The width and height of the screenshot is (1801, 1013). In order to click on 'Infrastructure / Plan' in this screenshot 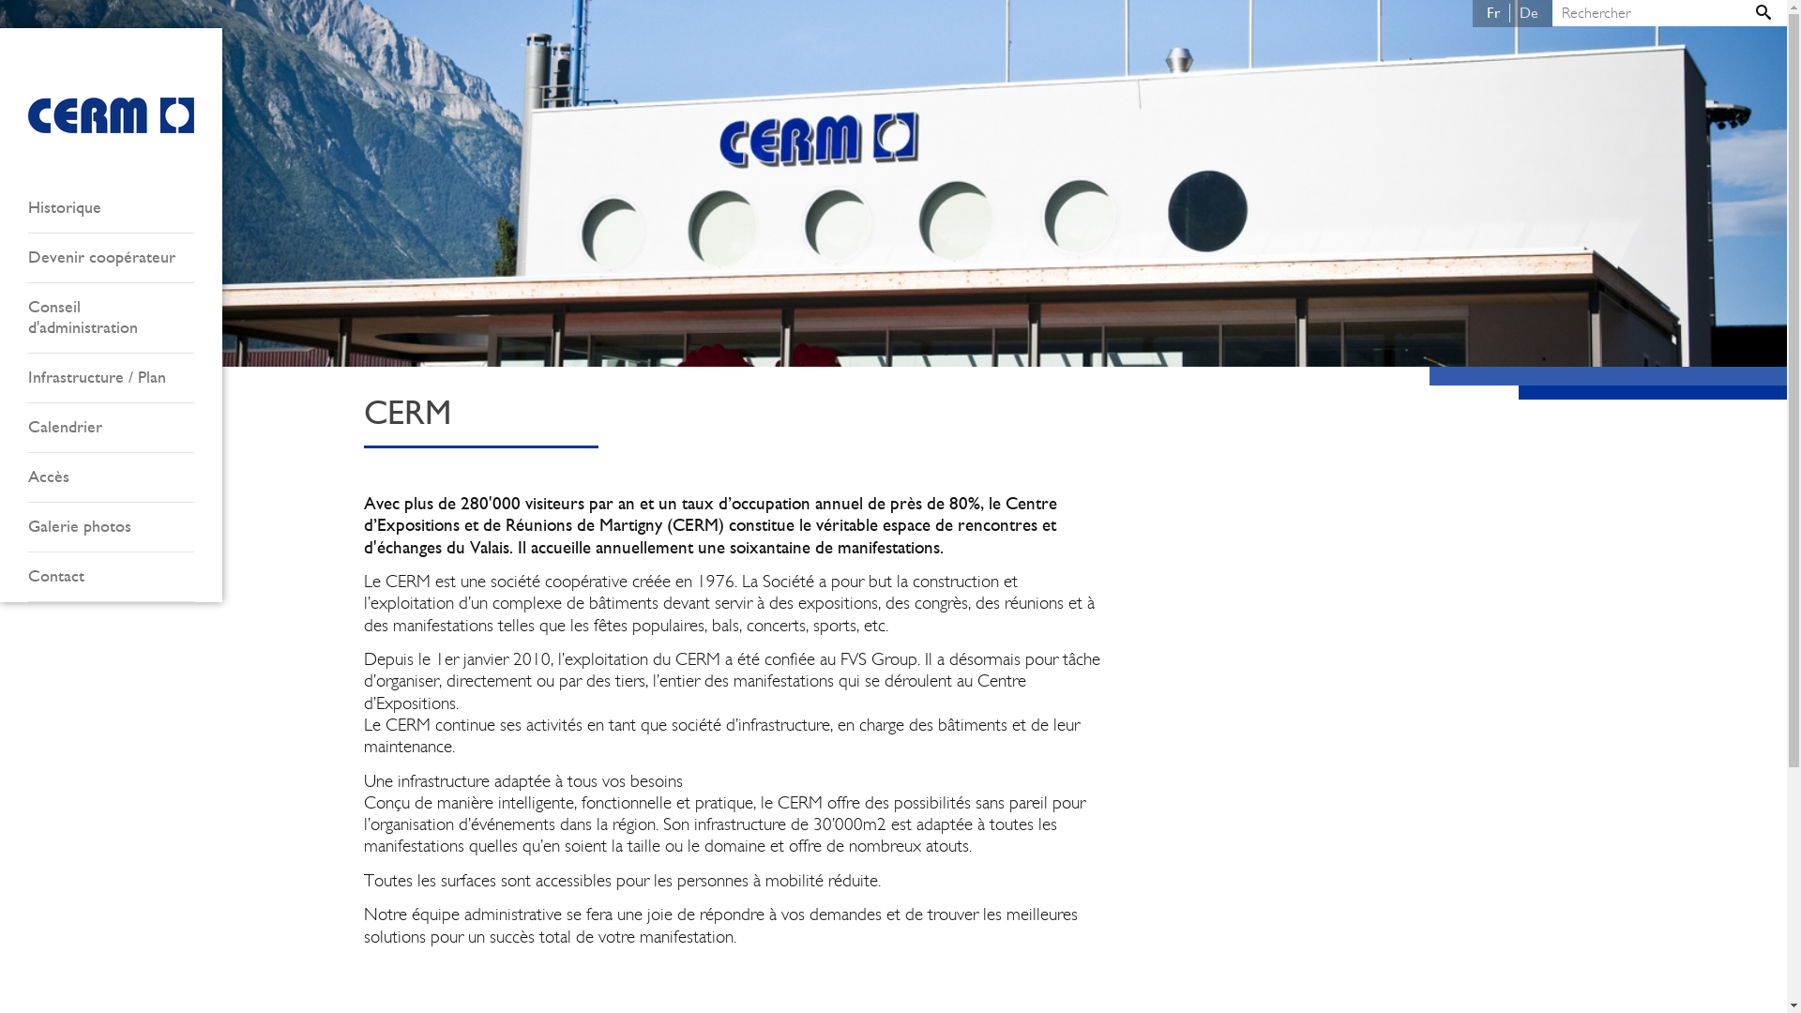, I will do `click(110, 378)`.